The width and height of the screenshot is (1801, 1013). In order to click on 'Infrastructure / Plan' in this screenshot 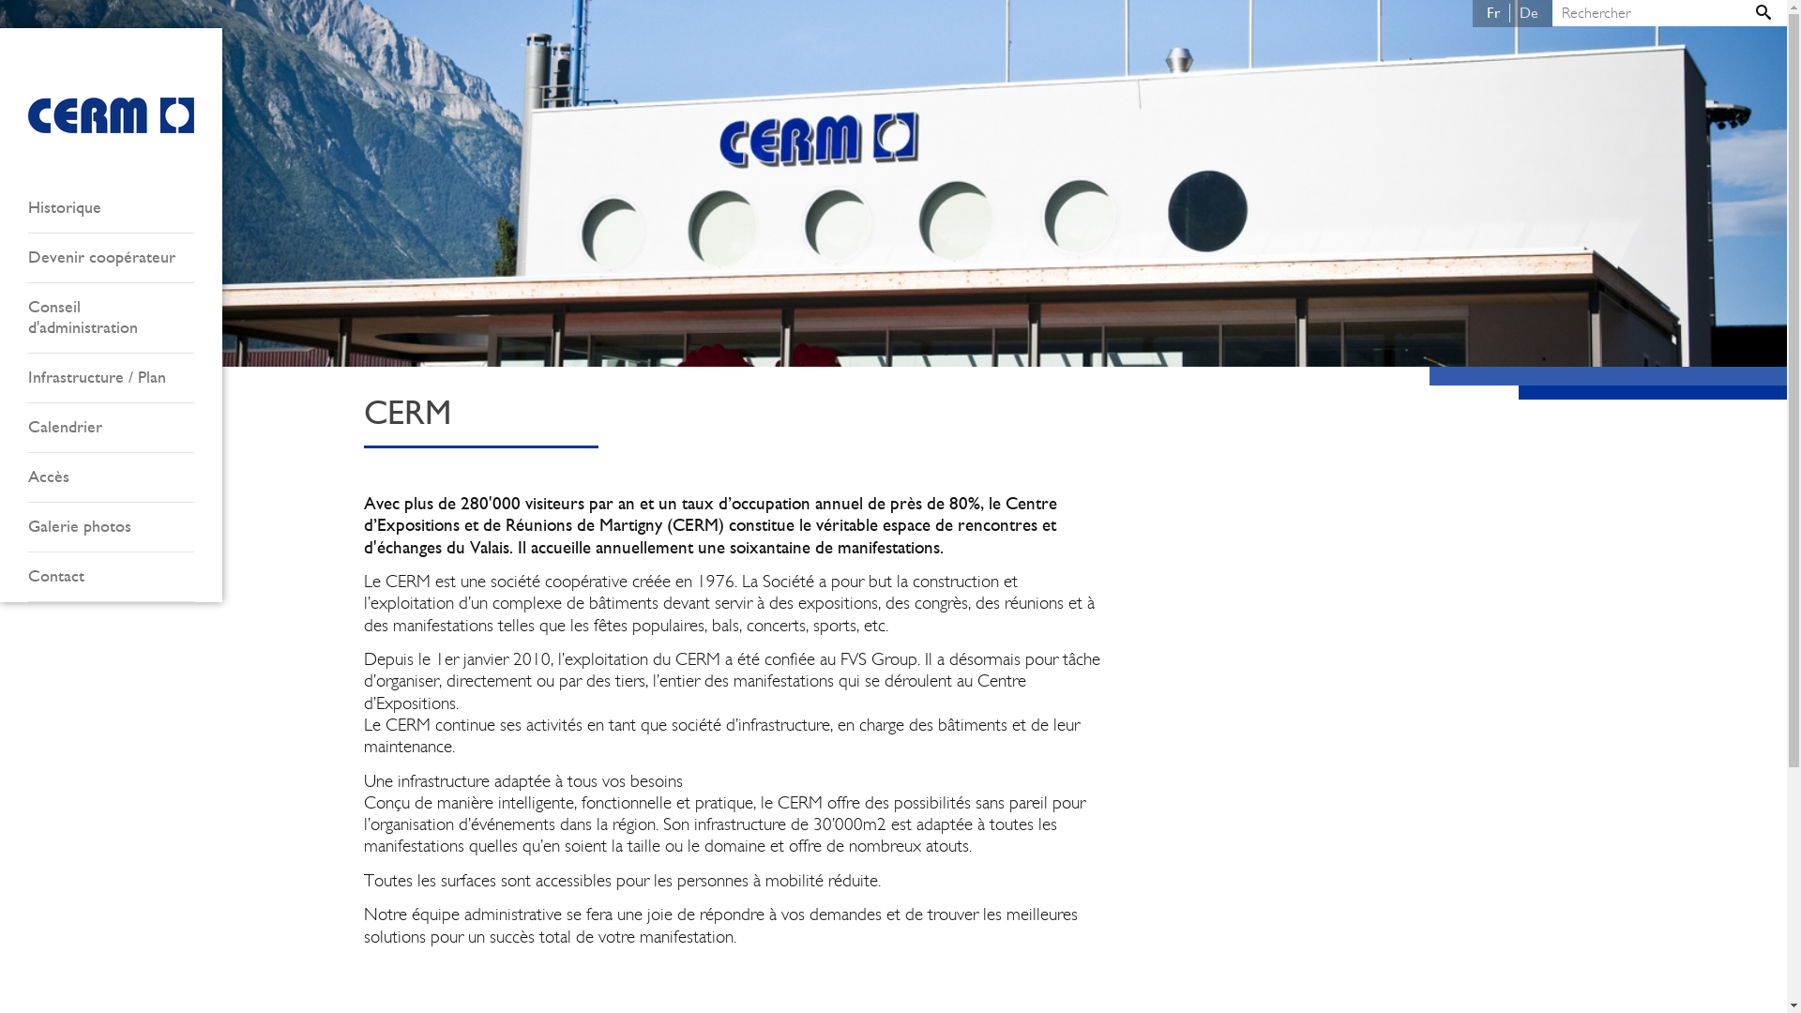, I will do `click(110, 378)`.